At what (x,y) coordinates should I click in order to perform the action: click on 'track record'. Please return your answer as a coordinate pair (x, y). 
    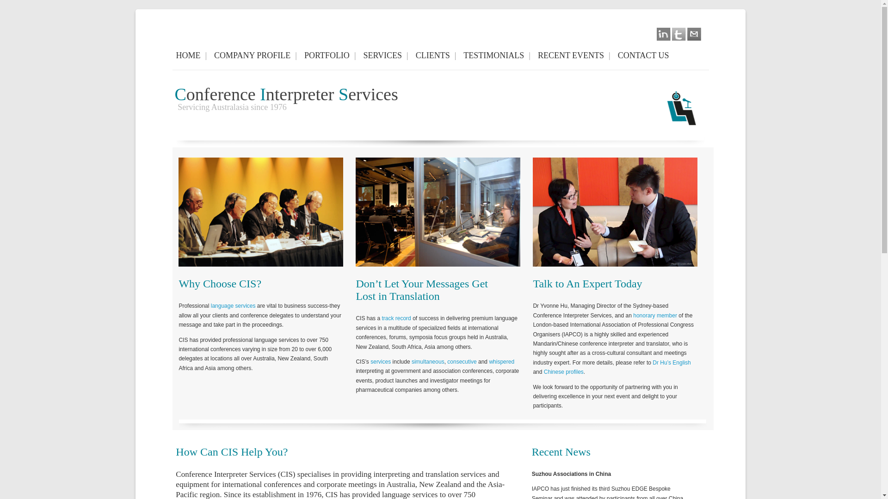
    Looking at the image, I should click on (396, 318).